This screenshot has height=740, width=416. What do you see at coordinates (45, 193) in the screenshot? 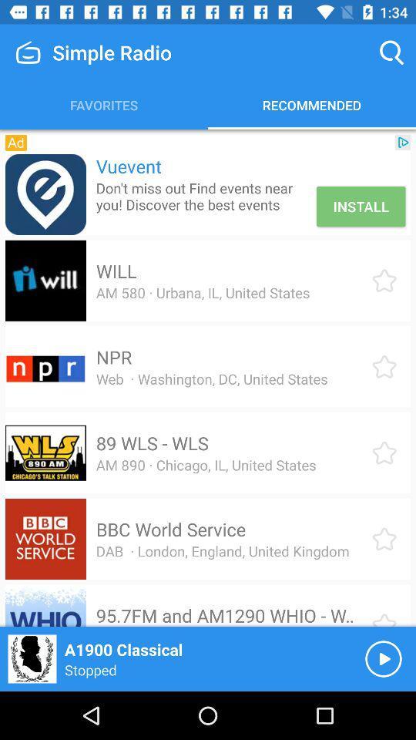
I see `vuevent app icon` at bounding box center [45, 193].